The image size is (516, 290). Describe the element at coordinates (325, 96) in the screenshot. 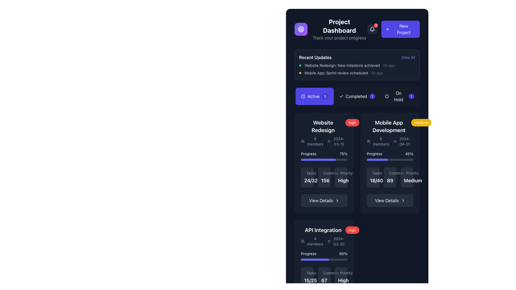

I see `the circular badge with a filled indigo-blue background displaying the number '3' in a small white font, located to the right of the clock icon within the active status indicator section` at that location.